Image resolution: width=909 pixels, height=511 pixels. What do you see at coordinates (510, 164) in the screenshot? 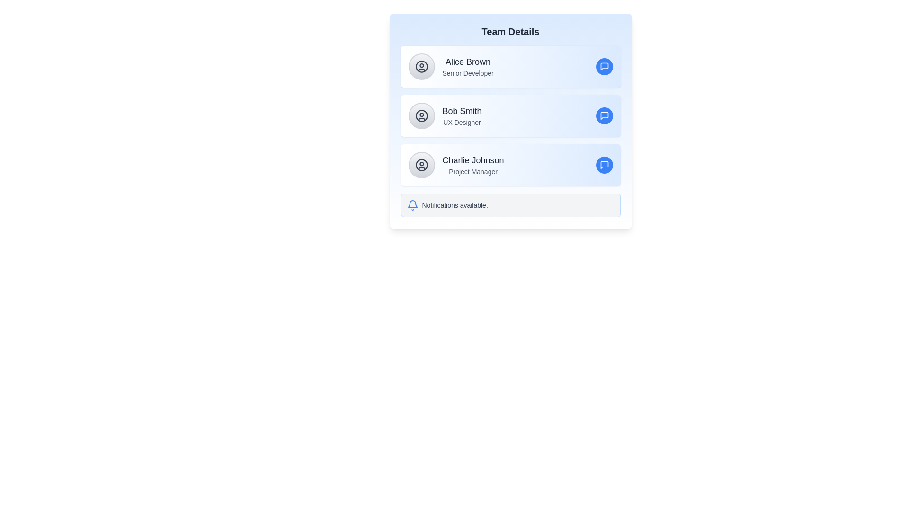
I see `the Profile card for Charlie Johnson, the third item in the 'Team Details' list` at bounding box center [510, 164].